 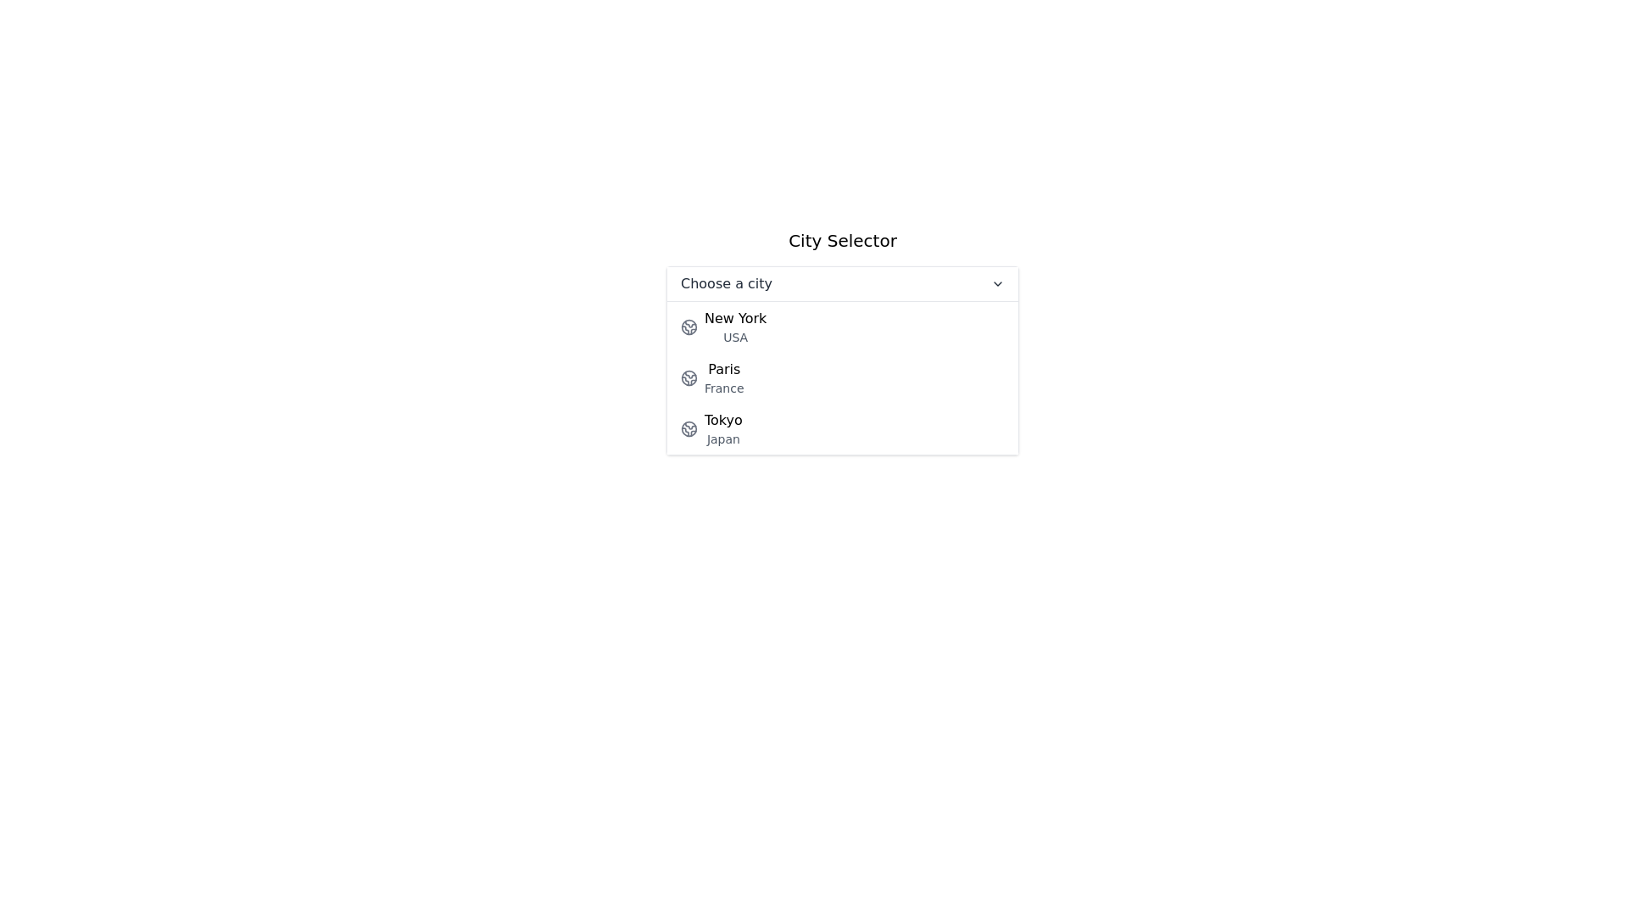 What do you see at coordinates (689, 427) in the screenshot?
I see `the geographical icon located to the left of the 'Tokyo' text in the city selection dropdown` at bounding box center [689, 427].